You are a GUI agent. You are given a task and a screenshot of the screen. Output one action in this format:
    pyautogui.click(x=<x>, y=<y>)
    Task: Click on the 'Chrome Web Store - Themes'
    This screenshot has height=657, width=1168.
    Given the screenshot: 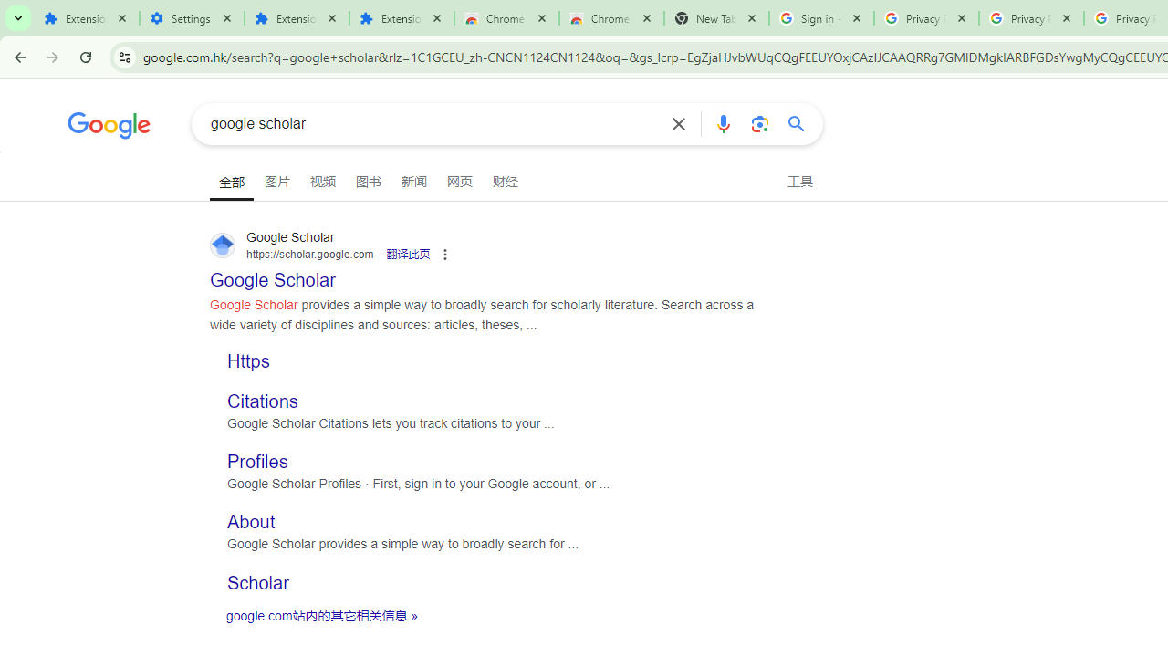 What is the action you would take?
    pyautogui.click(x=611, y=18)
    